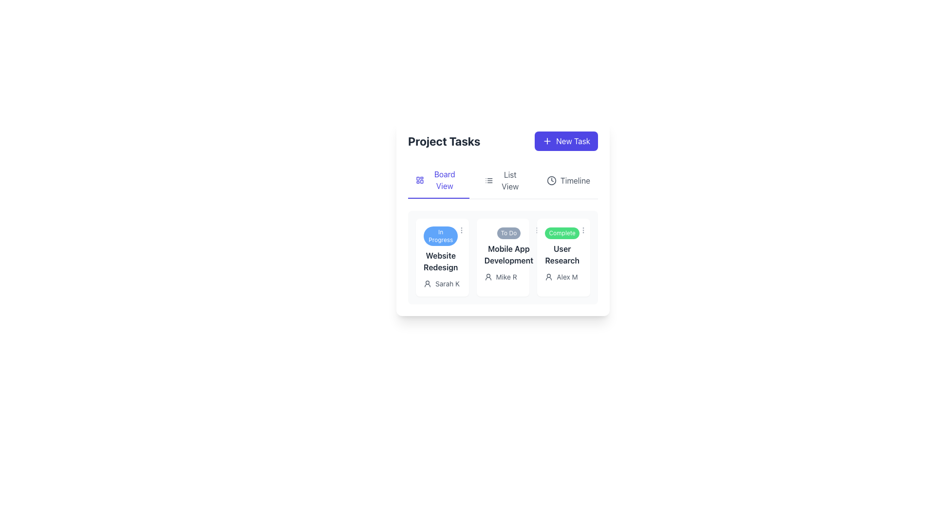 Image resolution: width=935 pixels, height=526 pixels. What do you see at coordinates (503, 181) in the screenshot?
I see `the second selectable option labeled under 'Project Tasks' to switch to list view` at bounding box center [503, 181].